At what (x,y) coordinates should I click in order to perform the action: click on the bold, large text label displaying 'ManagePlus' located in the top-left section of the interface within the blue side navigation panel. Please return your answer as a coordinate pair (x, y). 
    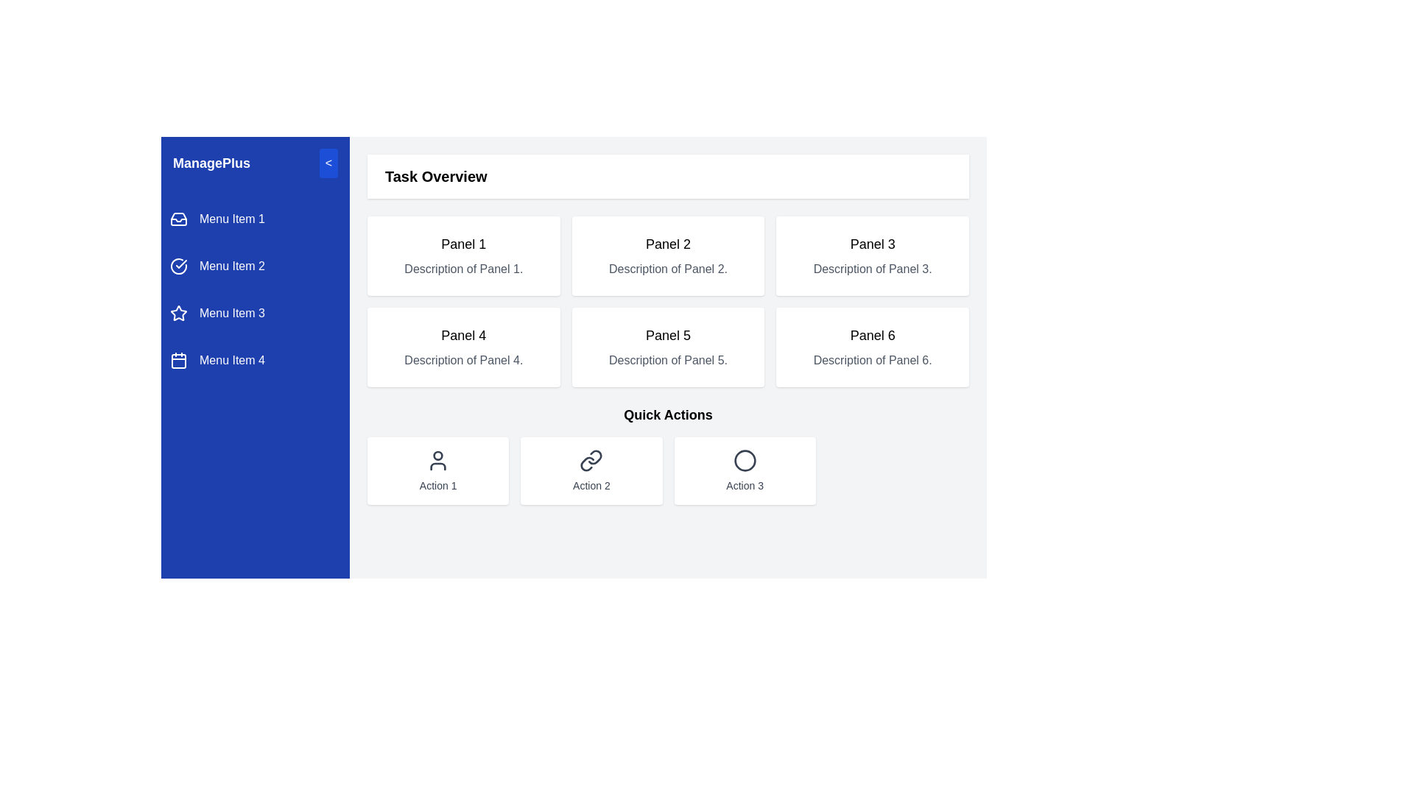
    Looking at the image, I should click on (211, 163).